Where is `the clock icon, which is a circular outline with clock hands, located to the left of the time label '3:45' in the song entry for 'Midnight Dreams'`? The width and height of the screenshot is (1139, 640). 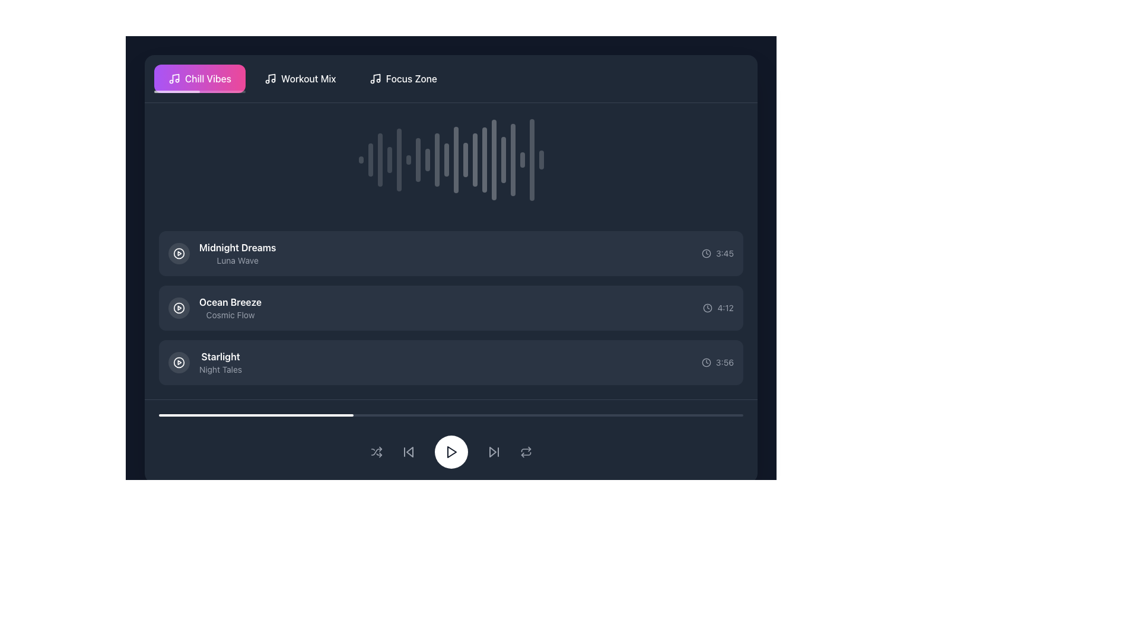
the clock icon, which is a circular outline with clock hands, located to the left of the time label '3:45' in the song entry for 'Midnight Dreams' is located at coordinates (706, 253).